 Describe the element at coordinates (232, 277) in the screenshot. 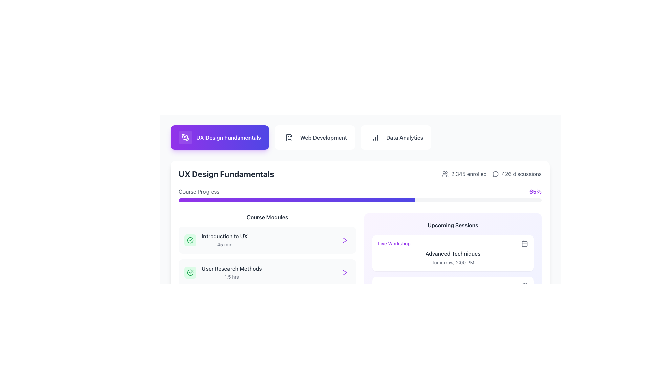

I see `text label providing additional information about the time required to complete the second course module titled 'User Research Methods'` at that location.